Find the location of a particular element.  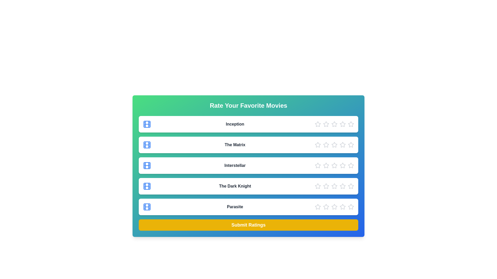

the star corresponding to 2 to preview the rating is located at coordinates (326, 124).